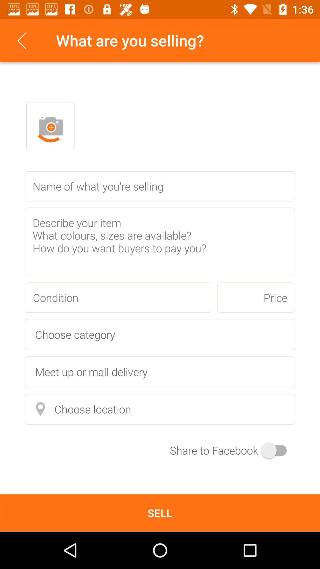 Image resolution: width=320 pixels, height=569 pixels. Describe the element at coordinates (21, 40) in the screenshot. I see `item to the left of what are you` at that location.